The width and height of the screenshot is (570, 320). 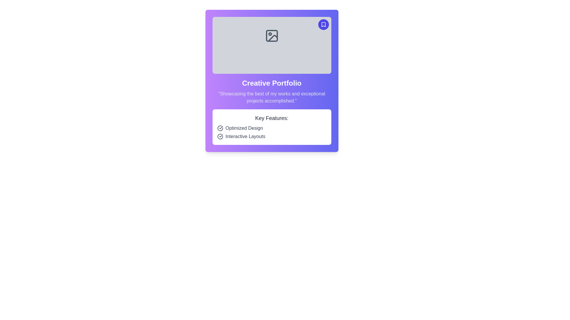 I want to click on the text label that summarizes the portfolio's highlights, located directly below the heading 'Creative Portfolio', so click(x=271, y=97).